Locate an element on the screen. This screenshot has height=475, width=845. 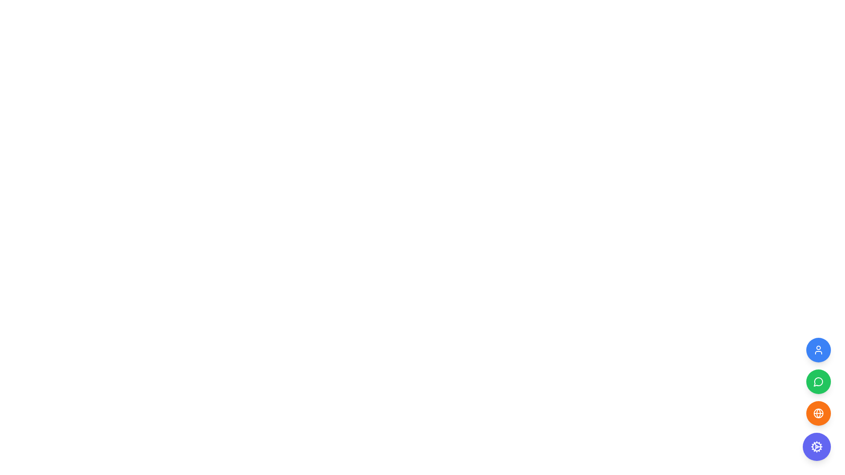
the second button in a vertical stack of three buttons aligned towards the right edge of the interface, which represents messaging functionality is located at coordinates (818, 381).